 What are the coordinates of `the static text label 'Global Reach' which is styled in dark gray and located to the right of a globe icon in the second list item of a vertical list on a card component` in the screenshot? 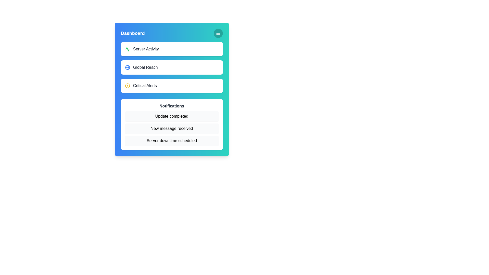 It's located at (145, 67).